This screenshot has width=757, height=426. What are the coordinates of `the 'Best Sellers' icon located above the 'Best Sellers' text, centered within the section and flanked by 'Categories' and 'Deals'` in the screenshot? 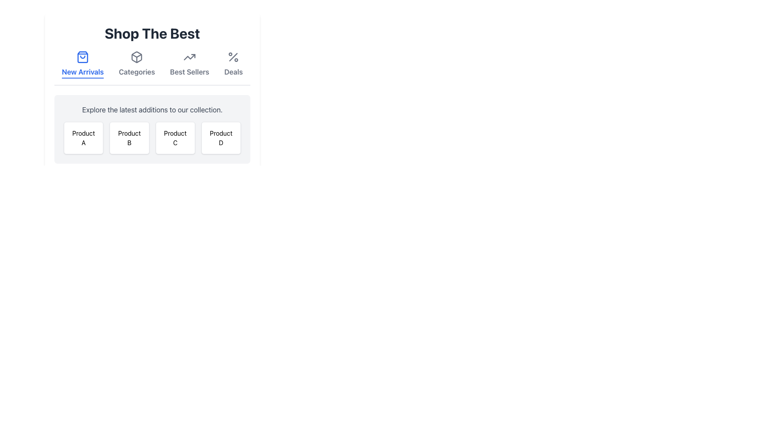 It's located at (190, 57).